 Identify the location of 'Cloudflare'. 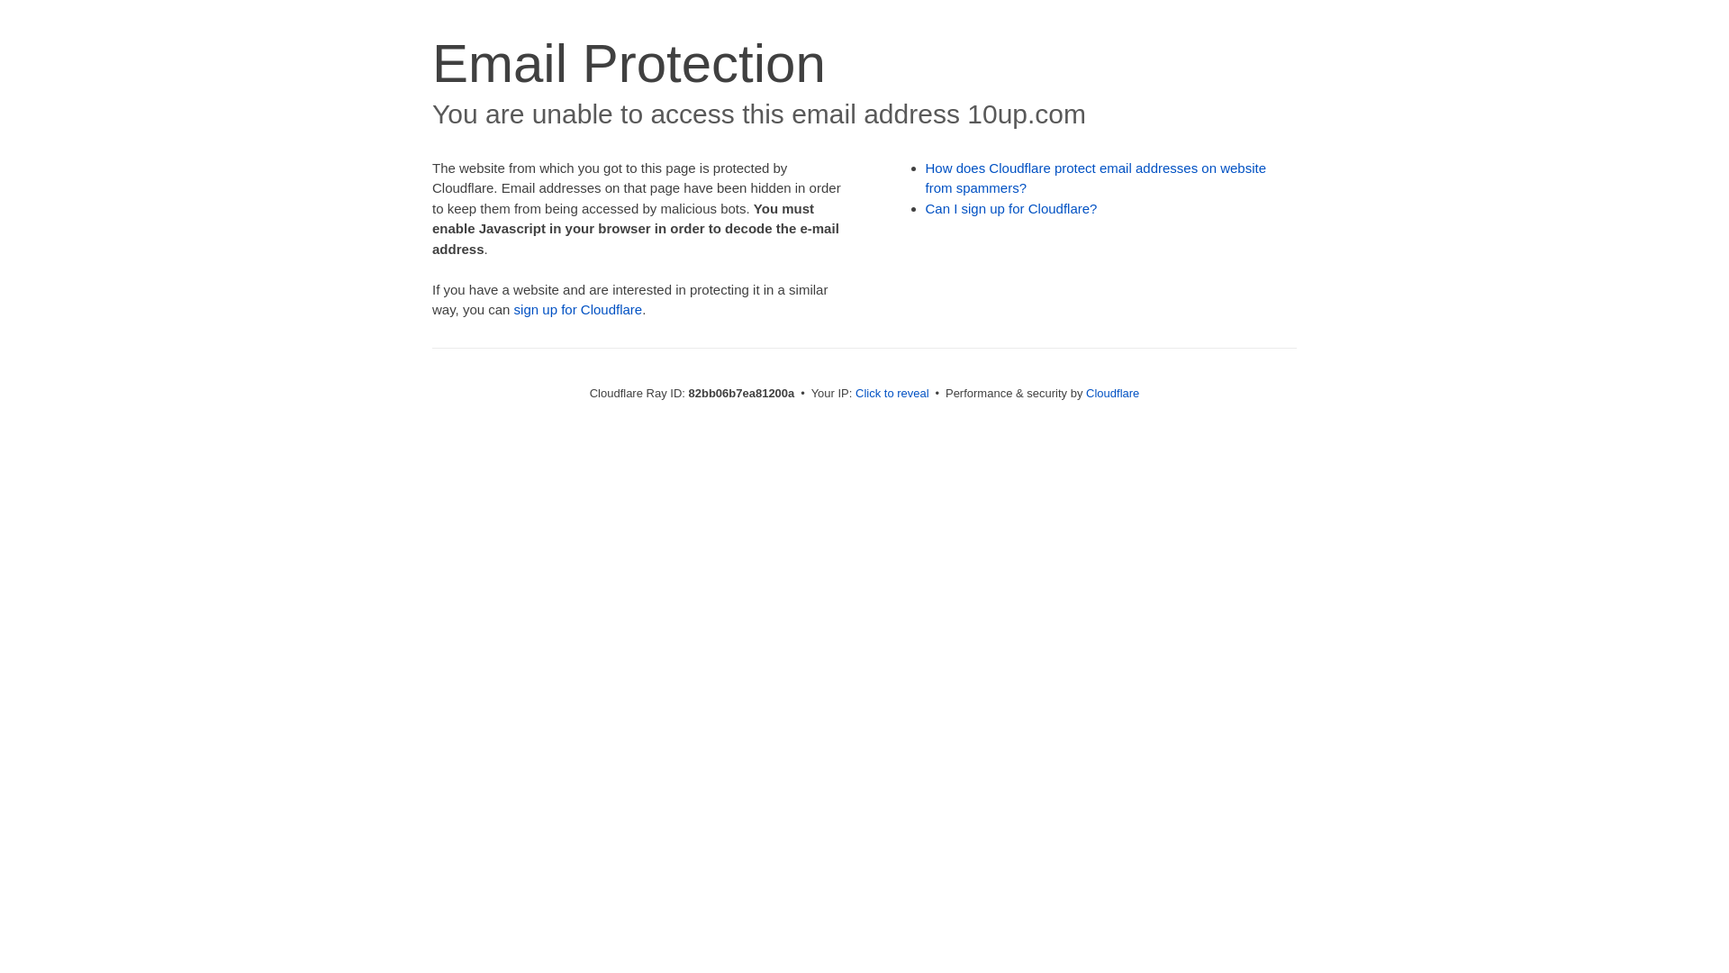
(1111, 392).